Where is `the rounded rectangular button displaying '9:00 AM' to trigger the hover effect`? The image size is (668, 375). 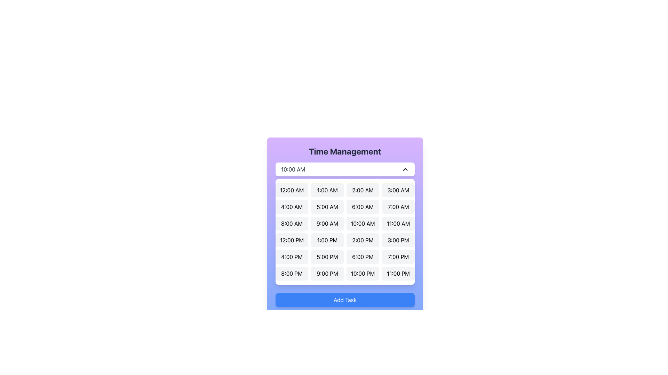
the rounded rectangular button displaying '9:00 AM' to trigger the hover effect is located at coordinates (327, 224).